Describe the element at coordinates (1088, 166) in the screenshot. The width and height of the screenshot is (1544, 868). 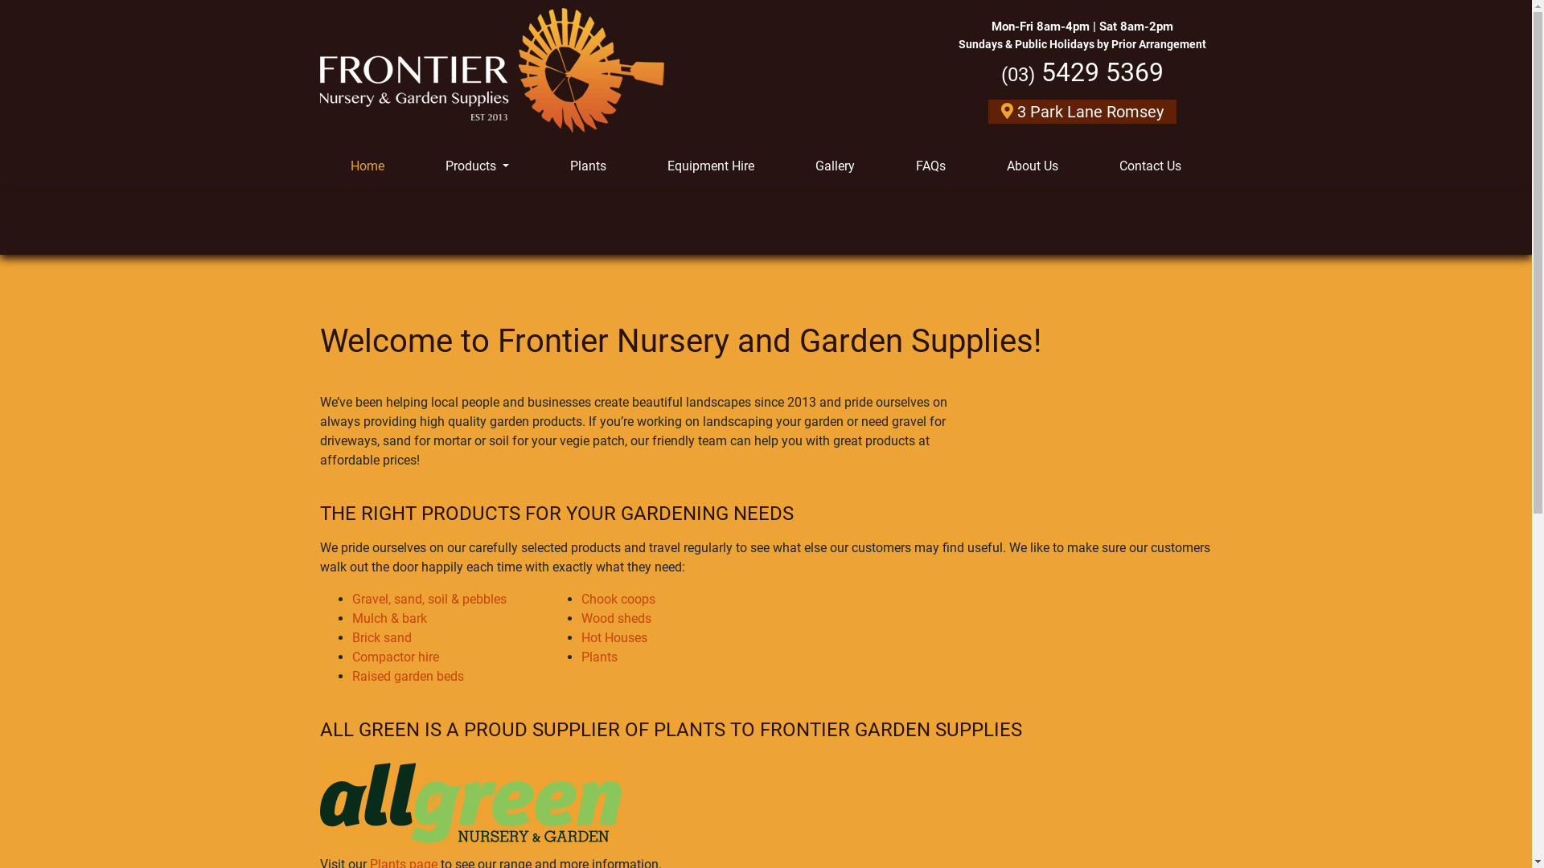
I see `'Contact Us'` at that location.